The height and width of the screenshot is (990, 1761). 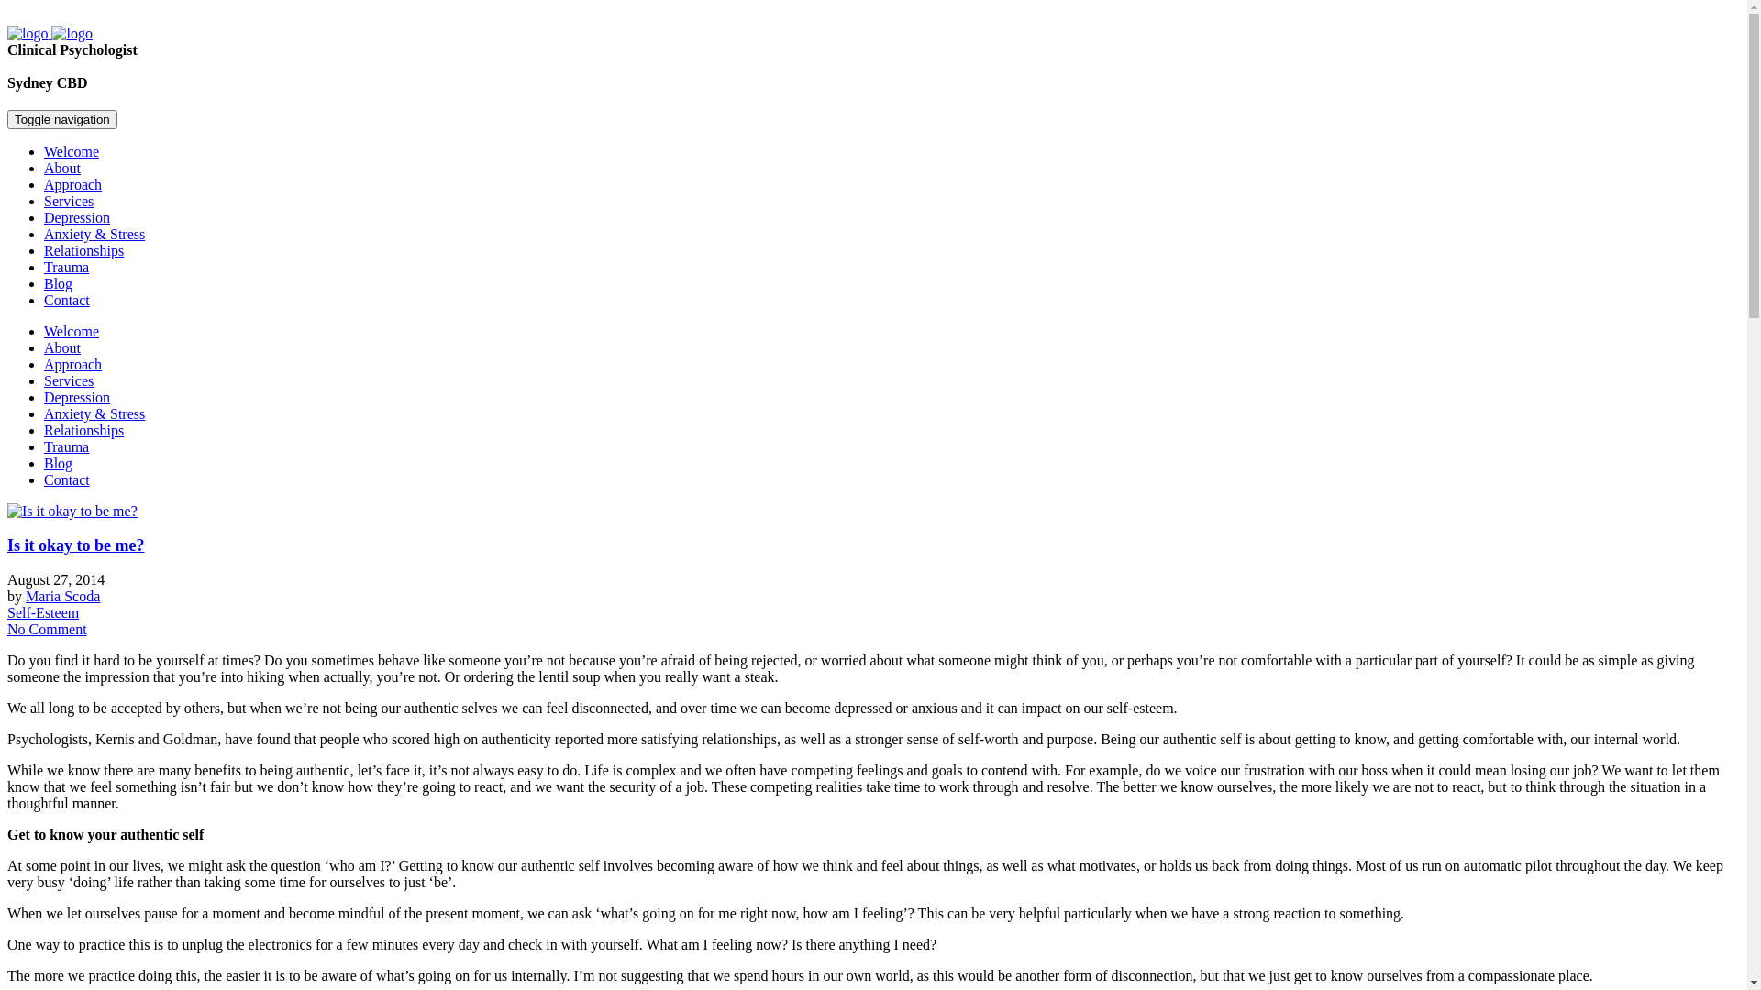 I want to click on 'About', so click(x=61, y=347).